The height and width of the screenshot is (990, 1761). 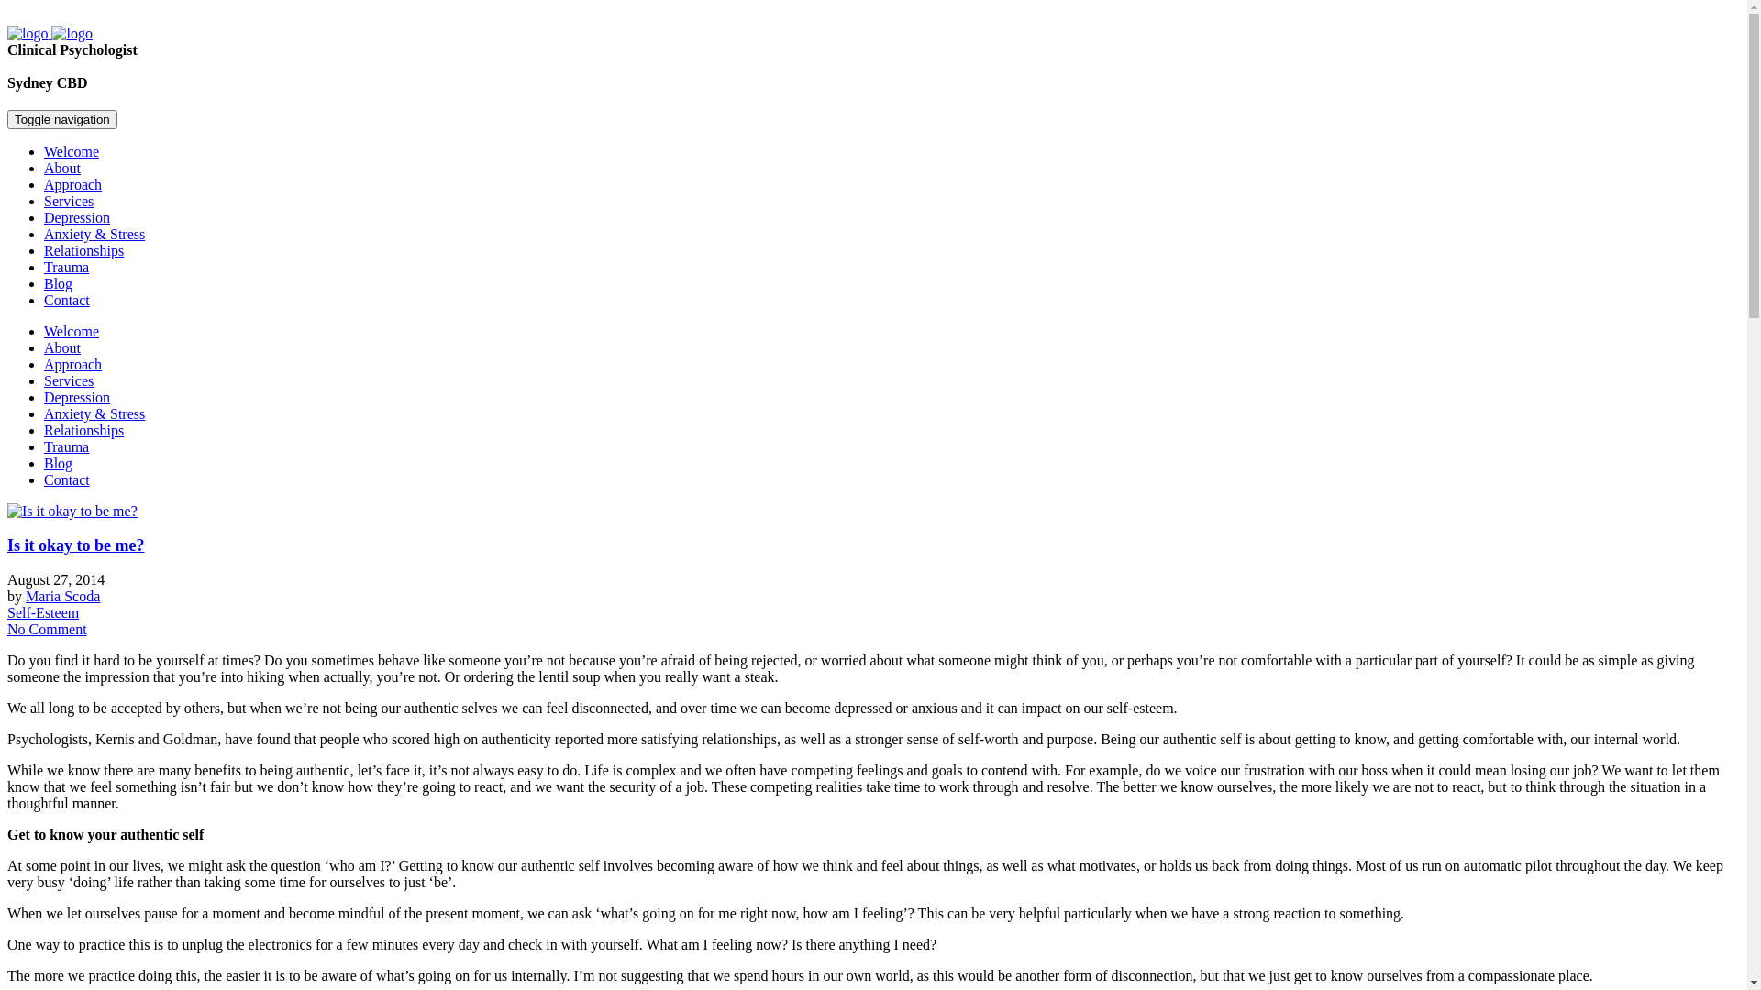 I want to click on 'About', so click(x=61, y=347).